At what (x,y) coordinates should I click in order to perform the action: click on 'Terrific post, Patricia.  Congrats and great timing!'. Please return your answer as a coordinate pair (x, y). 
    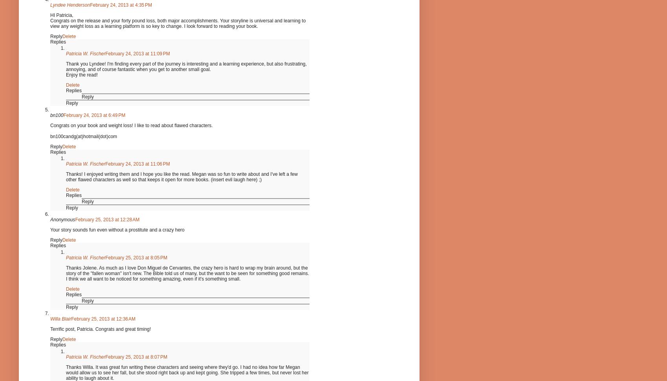
    Looking at the image, I should click on (100, 329).